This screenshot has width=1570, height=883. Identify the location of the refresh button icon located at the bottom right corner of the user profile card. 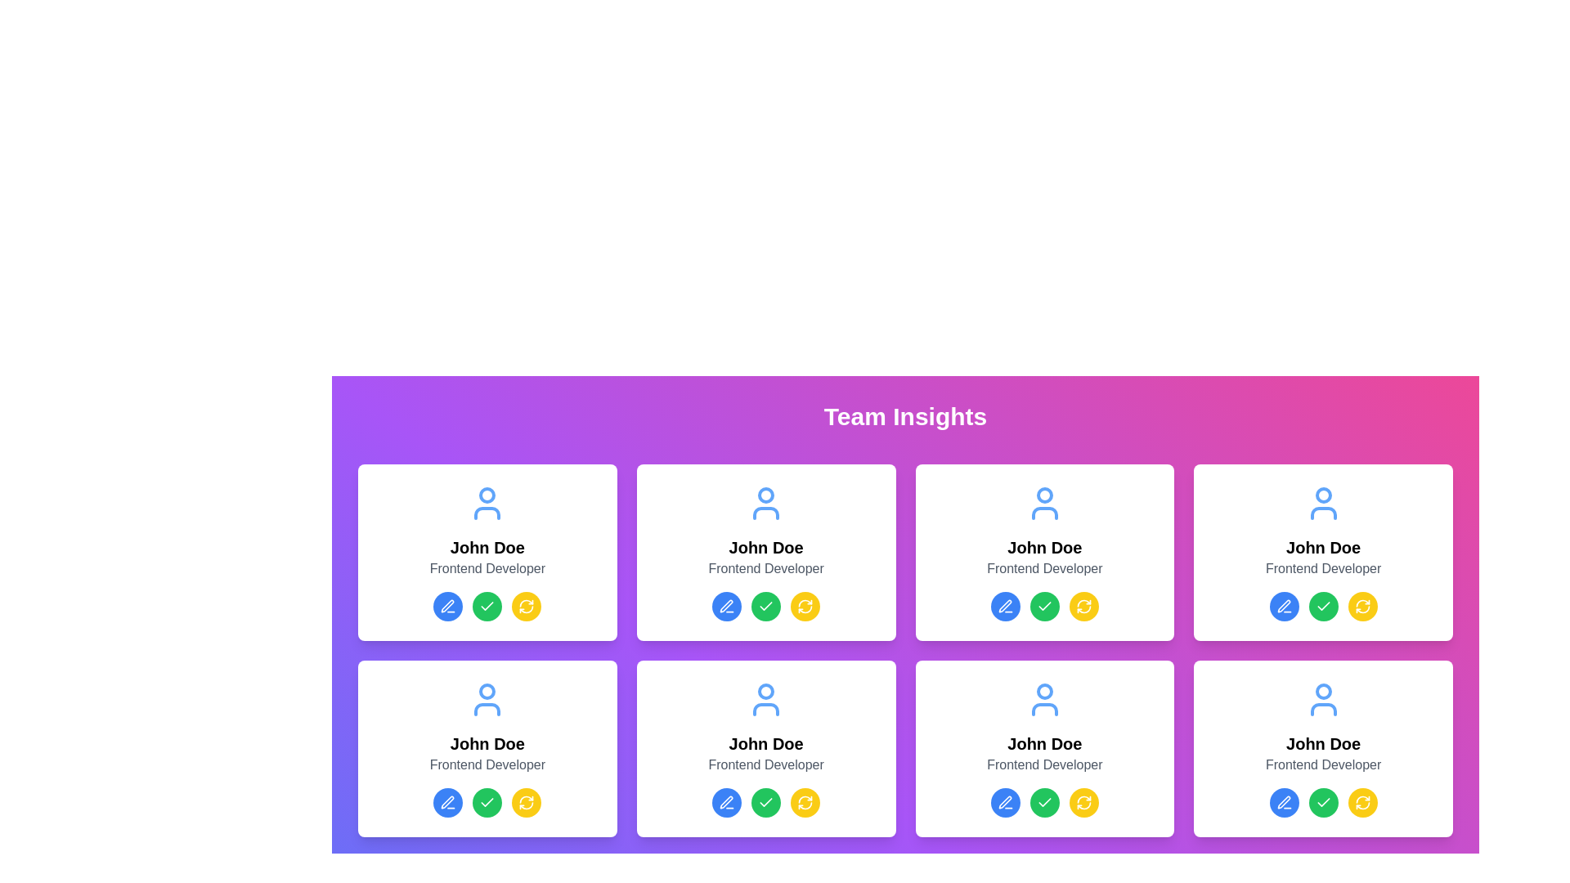
(1362, 606).